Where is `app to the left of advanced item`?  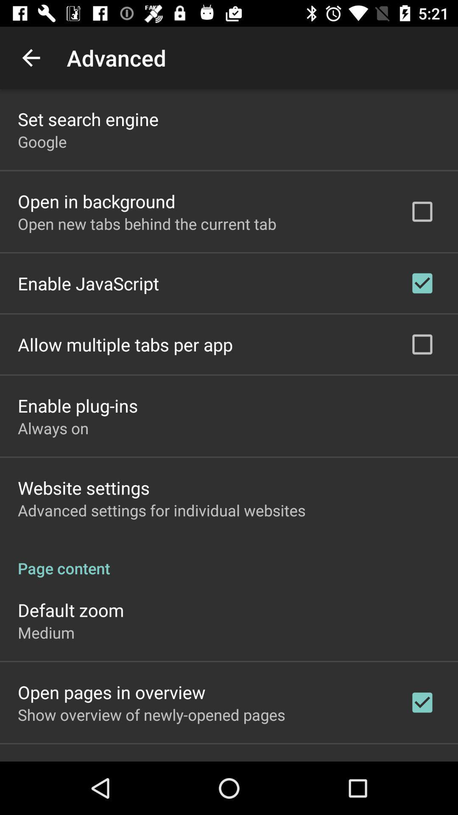 app to the left of advanced item is located at coordinates (31, 57).